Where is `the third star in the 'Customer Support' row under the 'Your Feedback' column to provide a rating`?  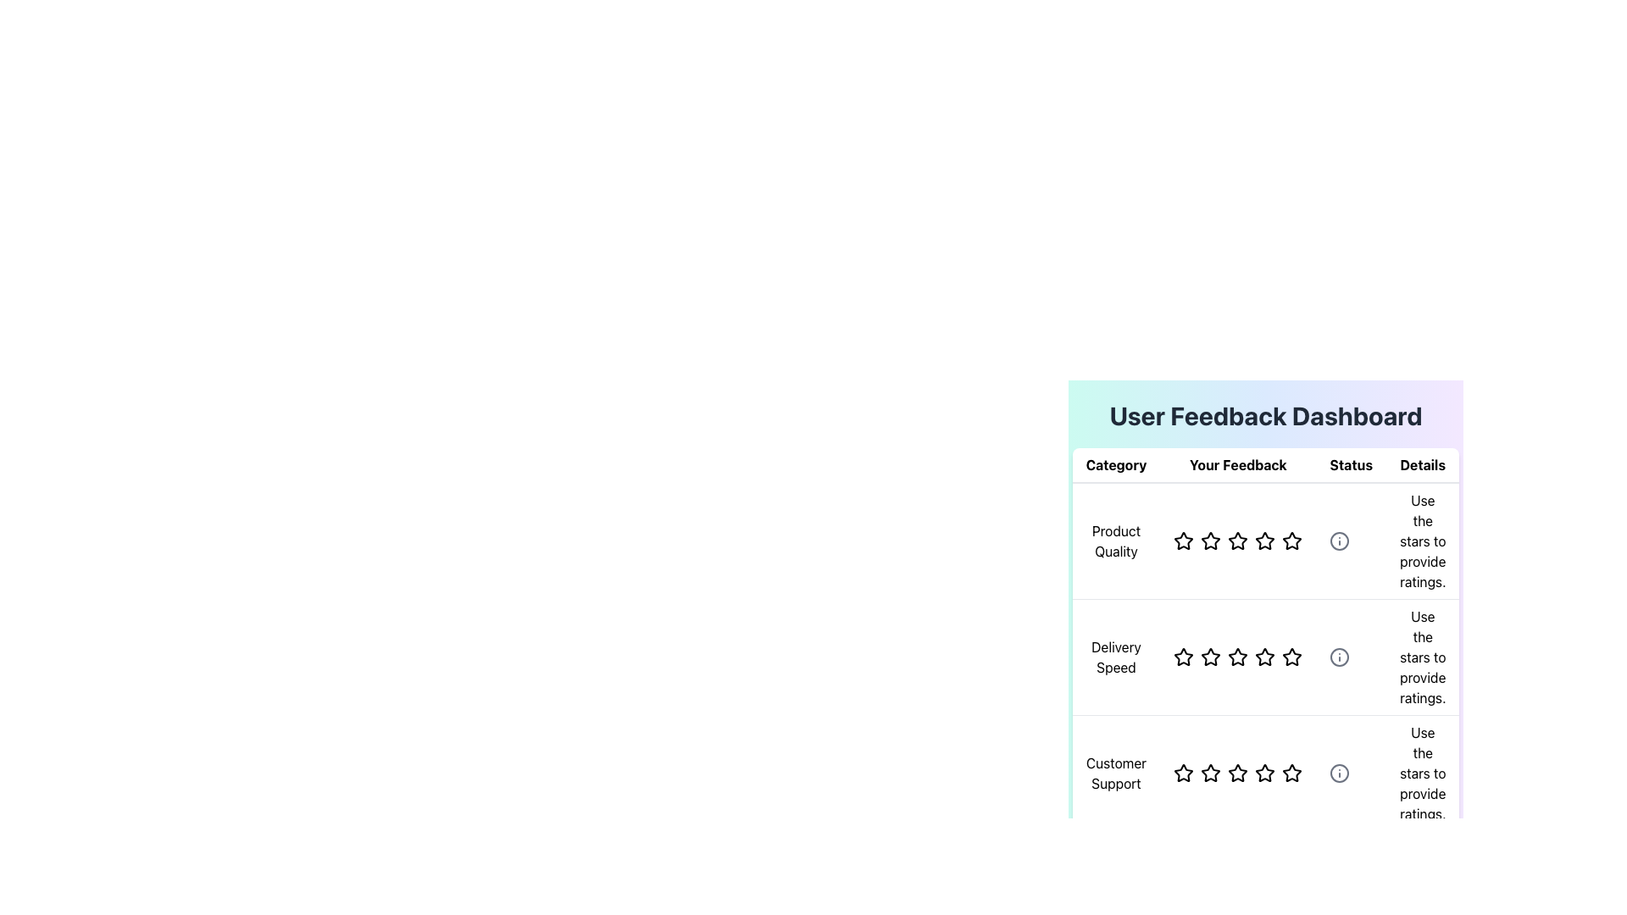
the third star in the 'Customer Support' row under the 'Your Feedback' column to provide a rating is located at coordinates (1238, 773).